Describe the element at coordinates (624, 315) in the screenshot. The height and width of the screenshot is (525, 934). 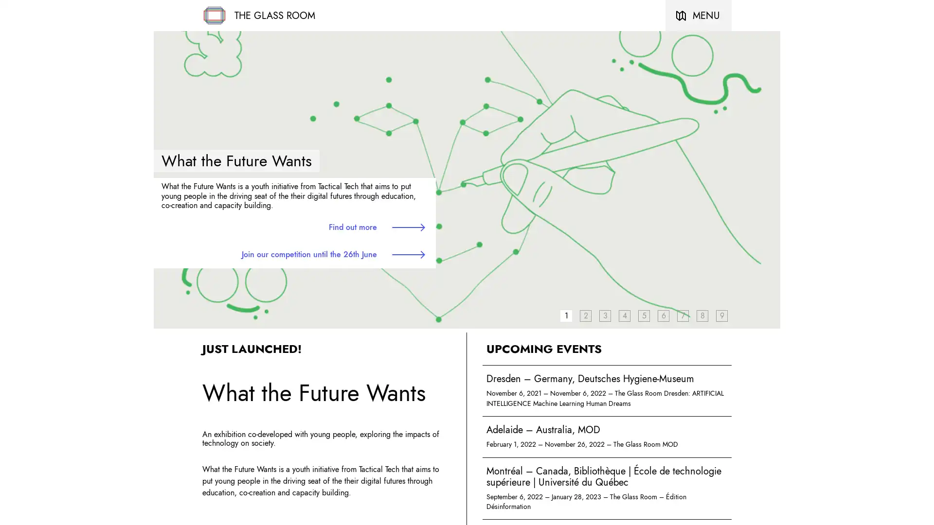
I see `slide item 4` at that location.